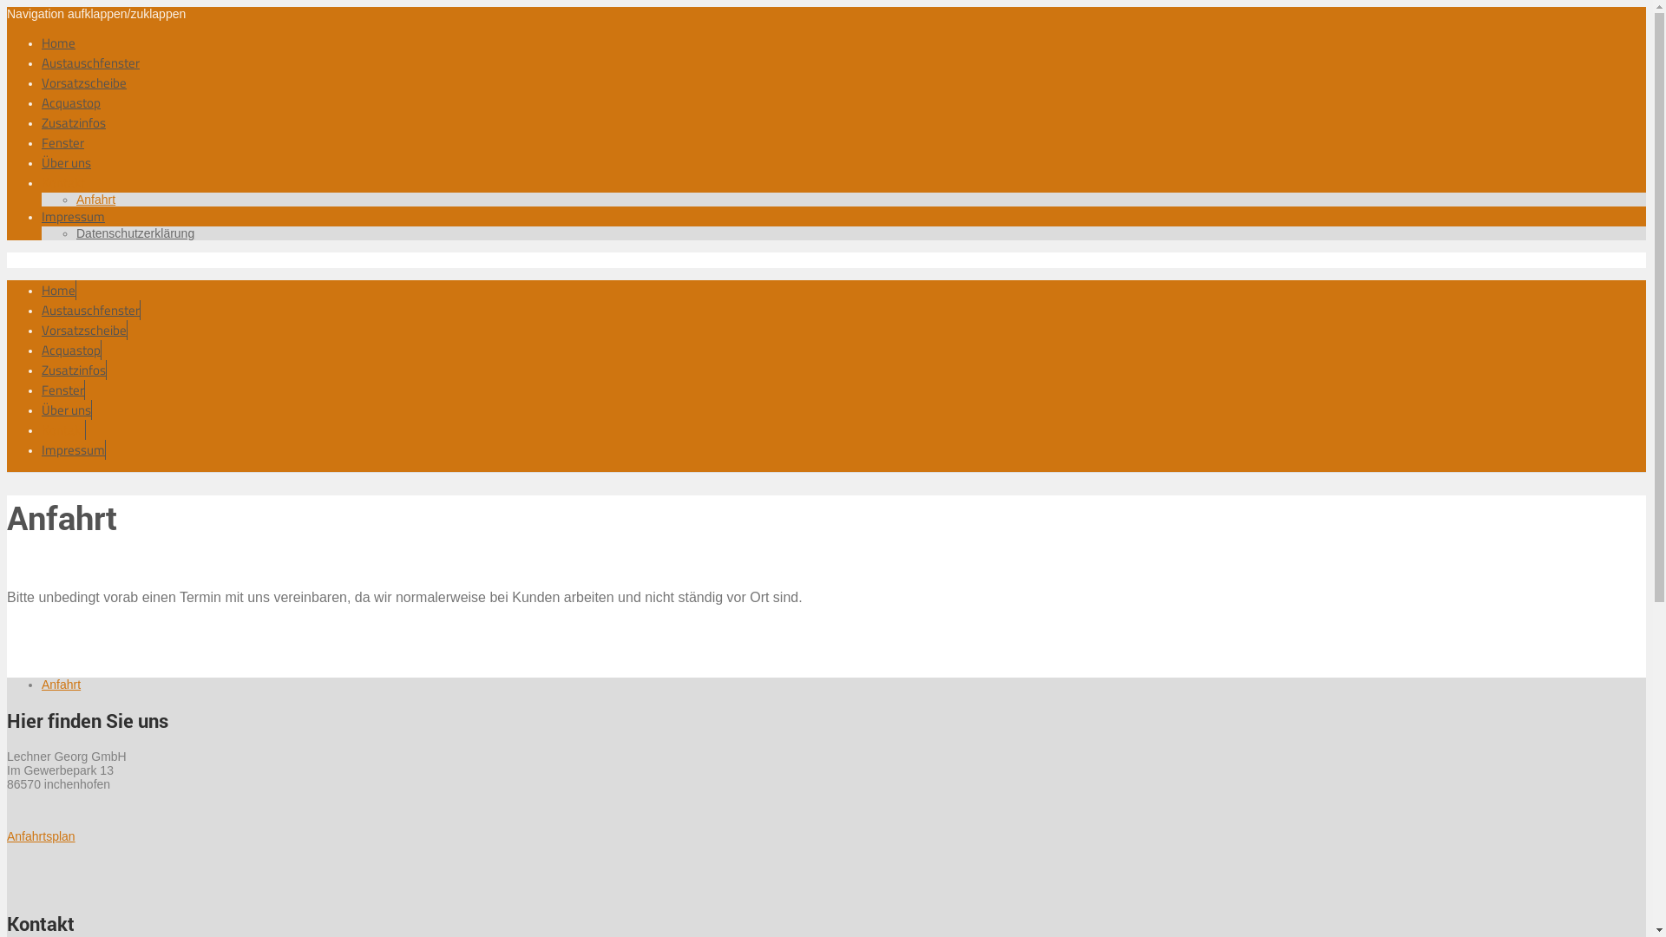  What do you see at coordinates (89, 62) in the screenshot?
I see `'Austauschfenster'` at bounding box center [89, 62].